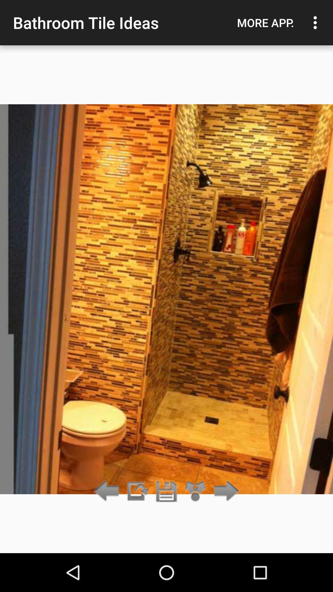 This screenshot has width=333, height=592. Describe the element at coordinates (265, 23) in the screenshot. I see `more app. icon` at that location.